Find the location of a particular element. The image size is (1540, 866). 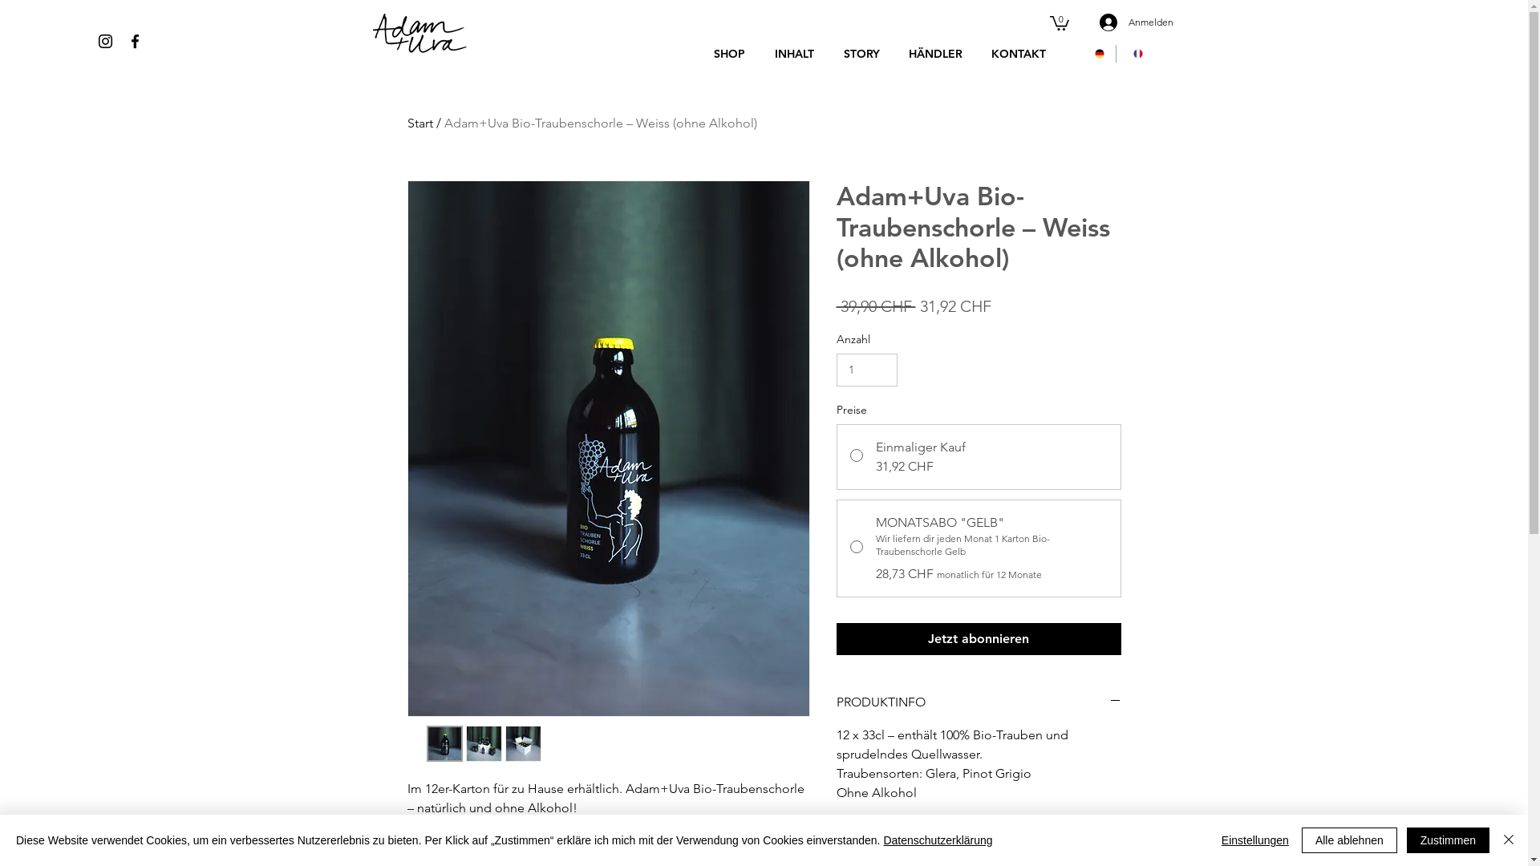

'Start' is located at coordinates (419, 122).